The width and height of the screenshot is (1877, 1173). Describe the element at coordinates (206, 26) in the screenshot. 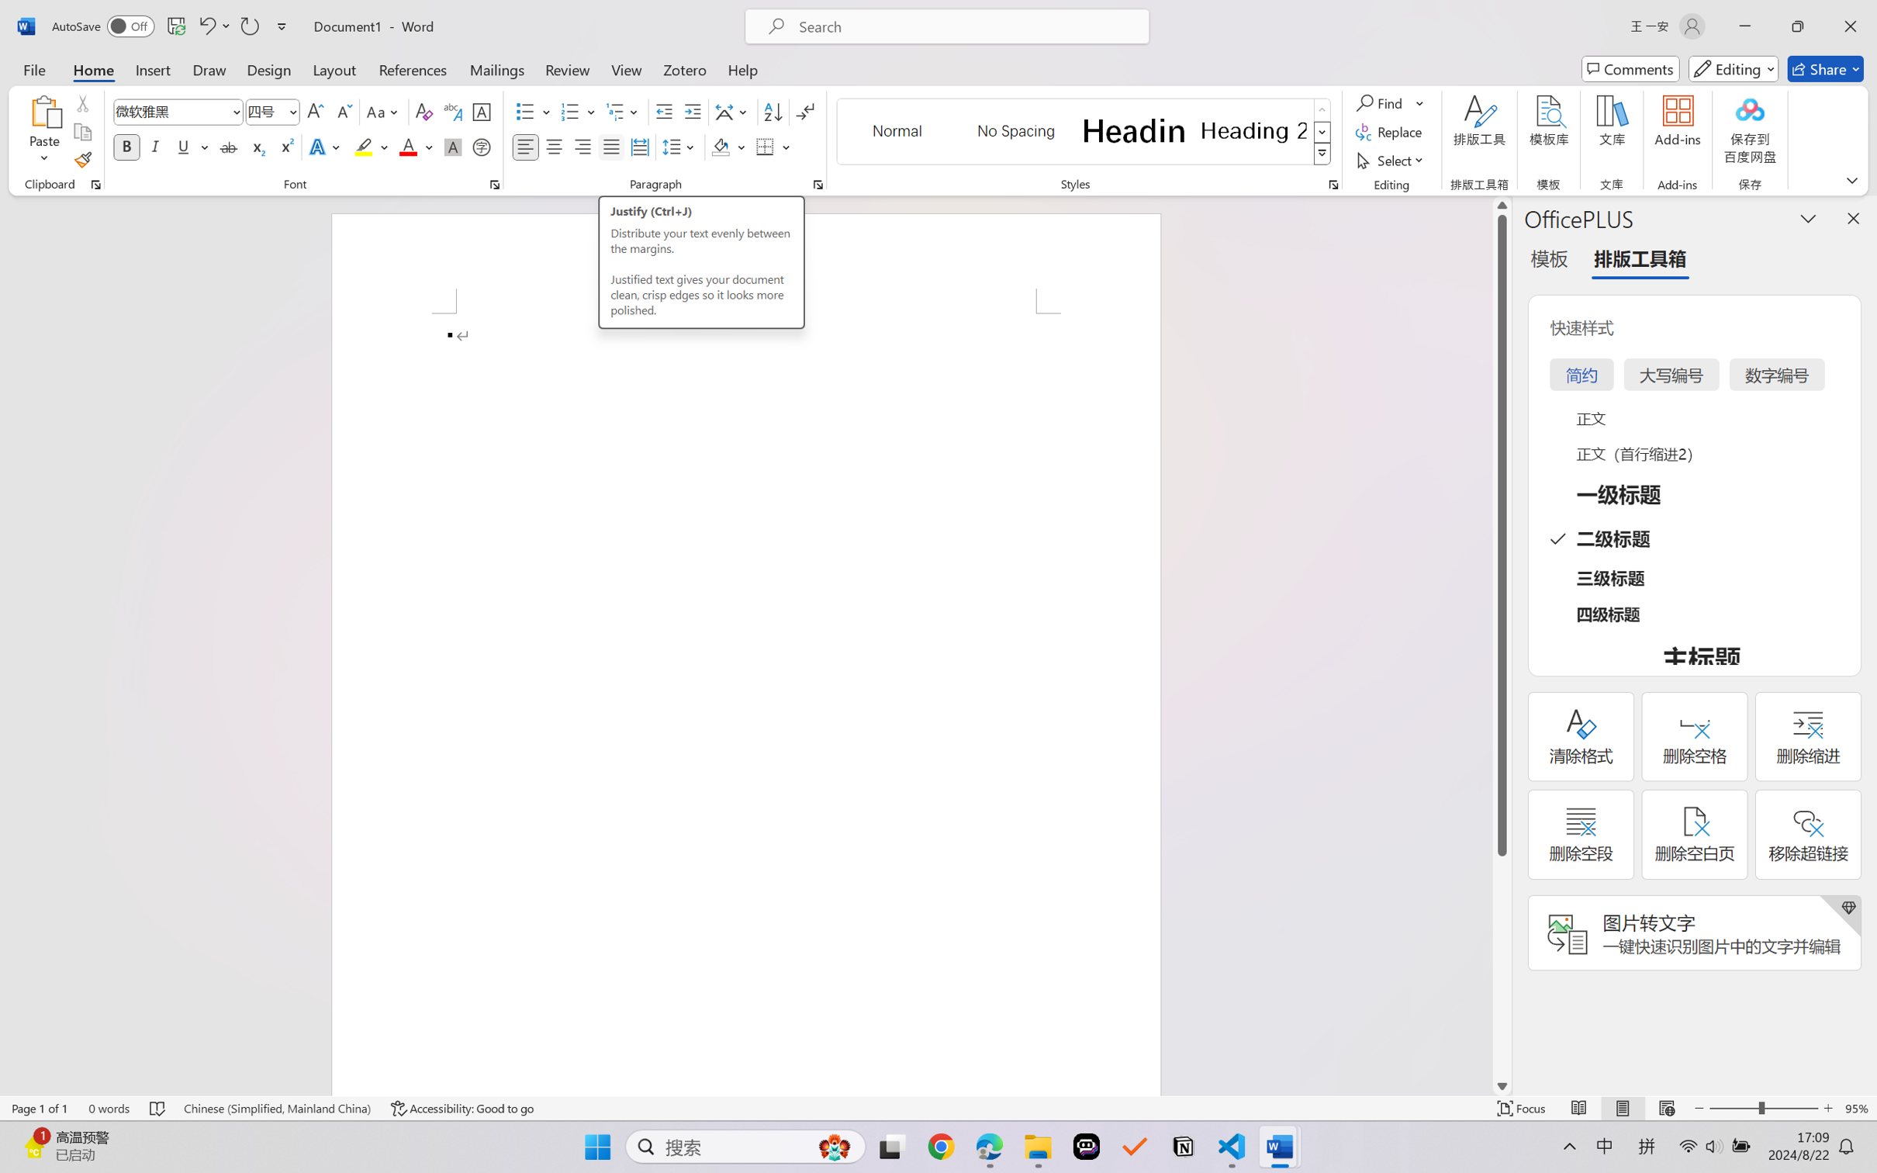

I see `'Undo <ApplyStyleToDoc>b__0'` at that location.